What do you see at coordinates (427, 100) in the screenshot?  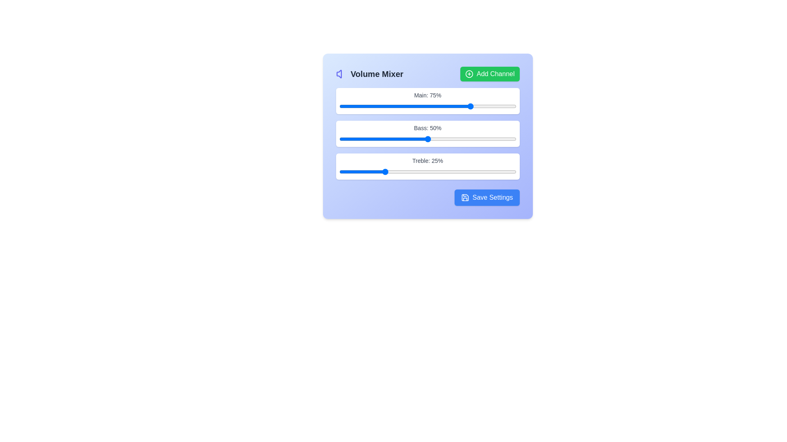 I see `the volume slider for the 'Main' channel, which is positioned above the 'Bass: 50%' and 'Treble: 25%' sliders in the Volume Mixer section of the interface` at bounding box center [427, 100].